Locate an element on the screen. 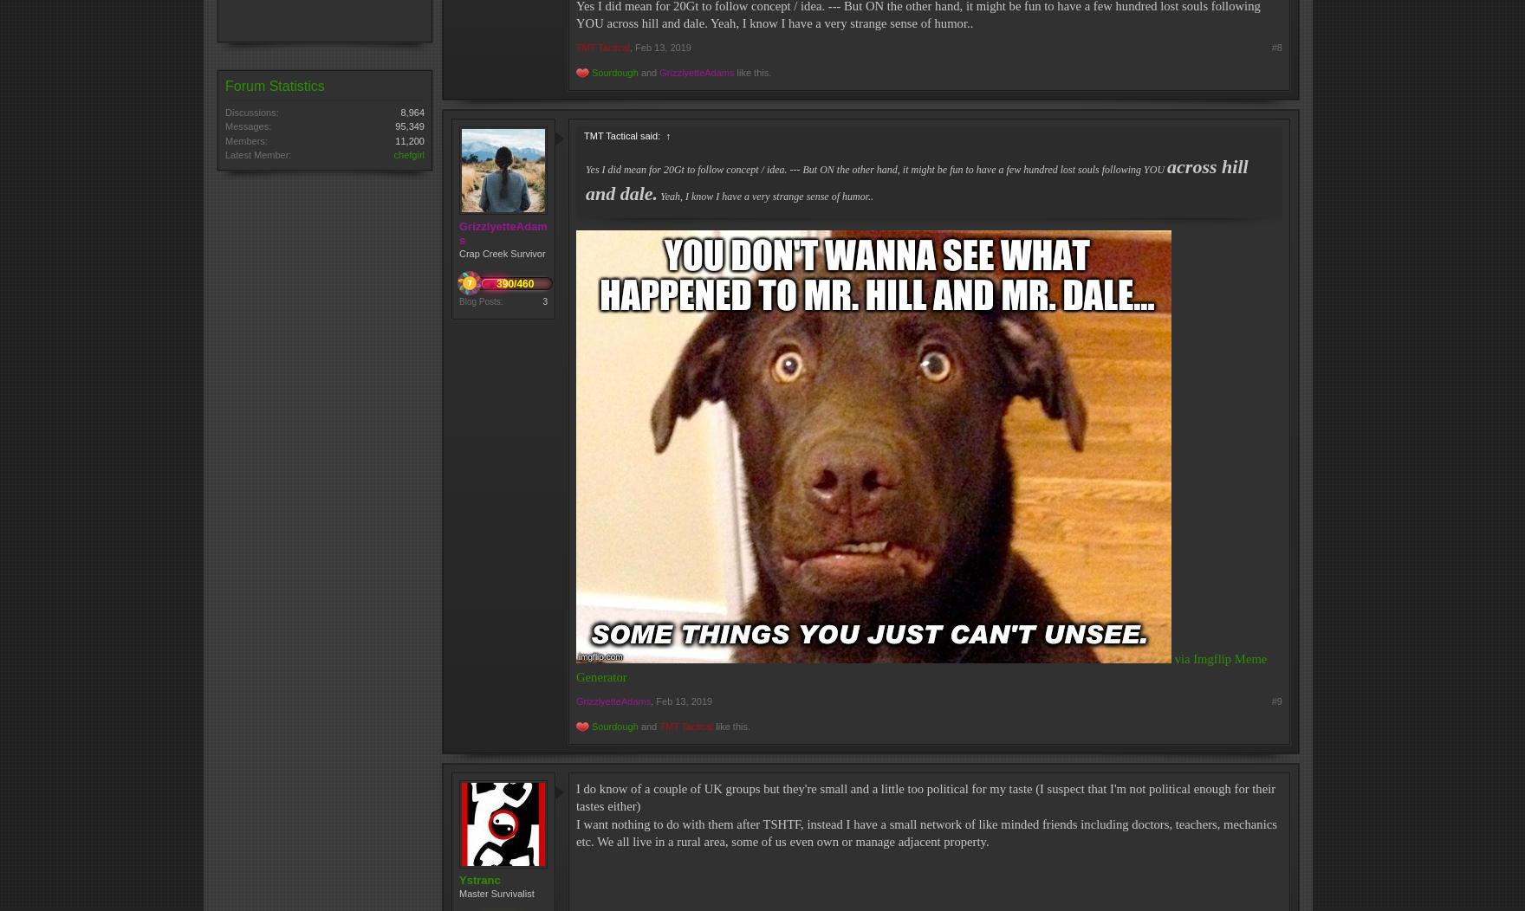 The width and height of the screenshot is (1525, 911). 'Ystranc' is located at coordinates (479, 878).